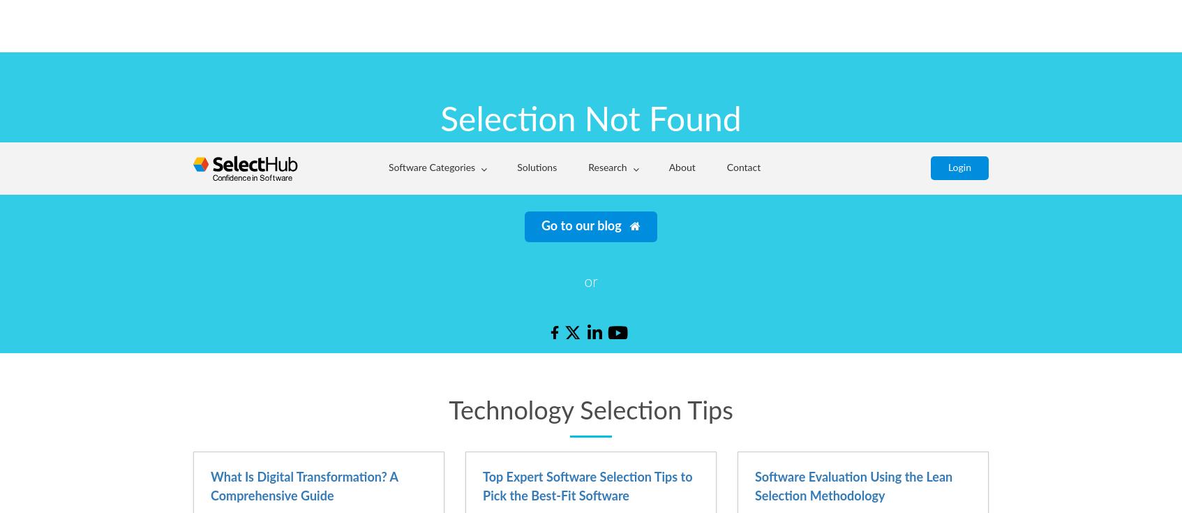 The width and height of the screenshot is (1182, 513). Describe the element at coordinates (536, 24) in the screenshot. I see `'Solutions'` at that location.